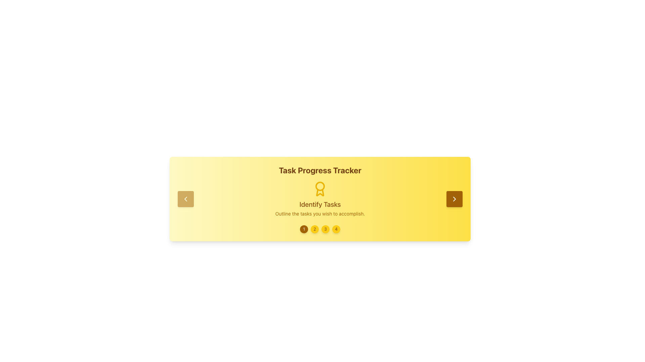  What do you see at coordinates (455, 199) in the screenshot?
I see `the rightward navigation button with a yellow background and rounded edges` at bounding box center [455, 199].